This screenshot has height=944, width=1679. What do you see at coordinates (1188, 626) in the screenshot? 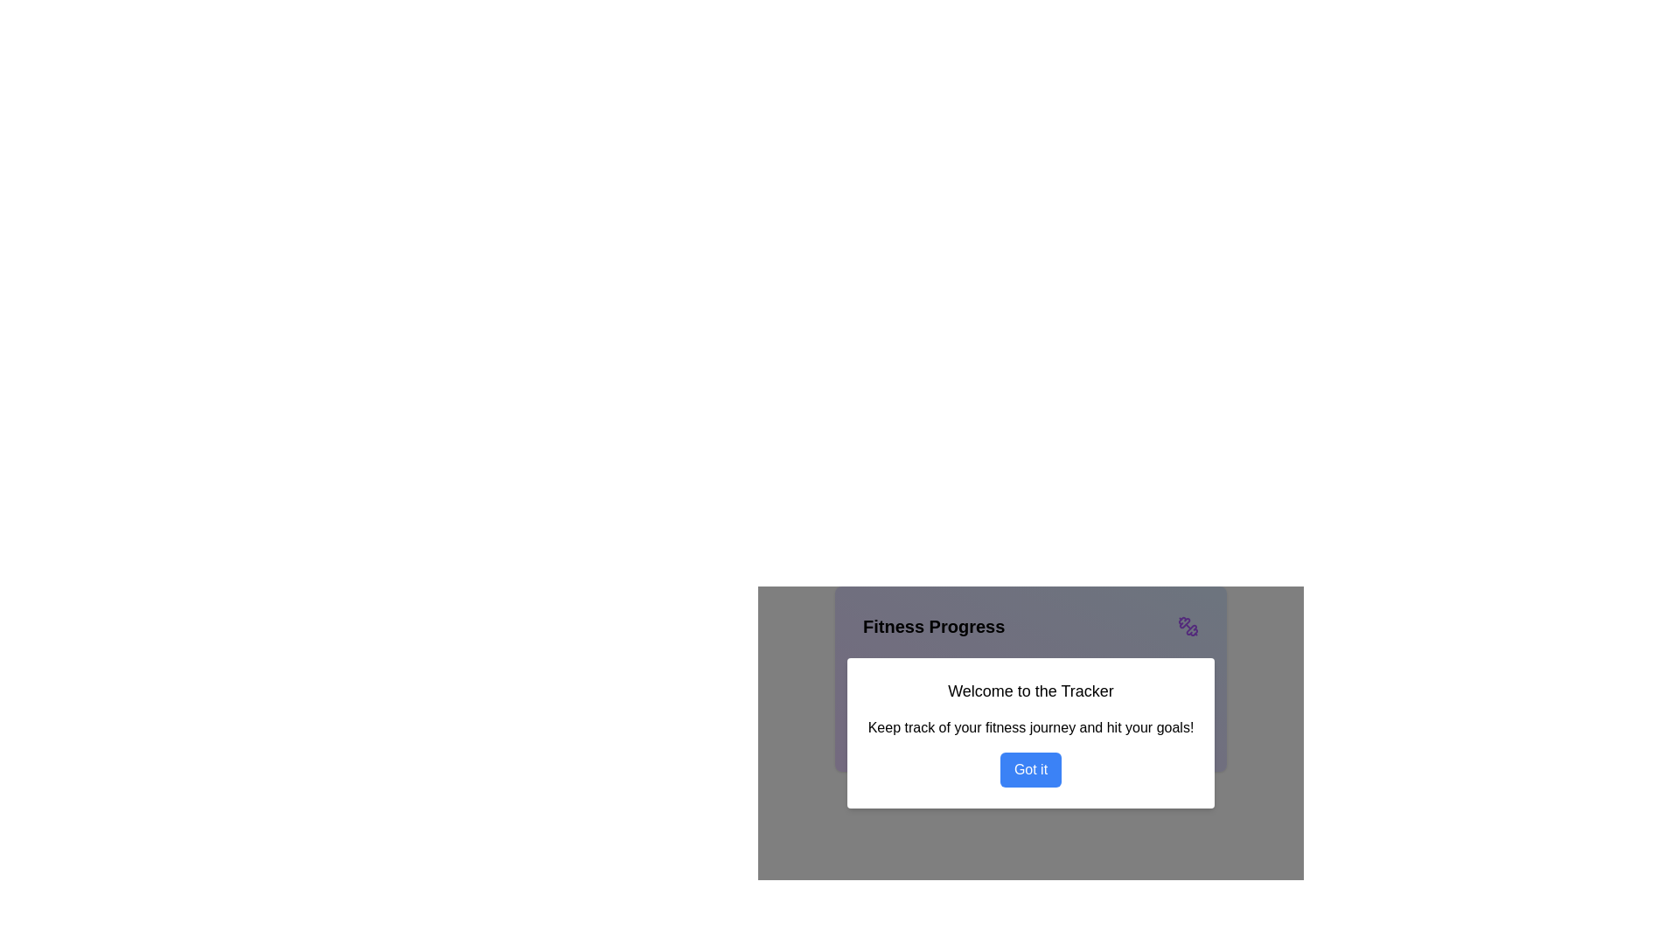
I see `the purple dumbbell icon located to the right of the 'Fitness Progress' text in the header section` at bounding box center [1188, 626].